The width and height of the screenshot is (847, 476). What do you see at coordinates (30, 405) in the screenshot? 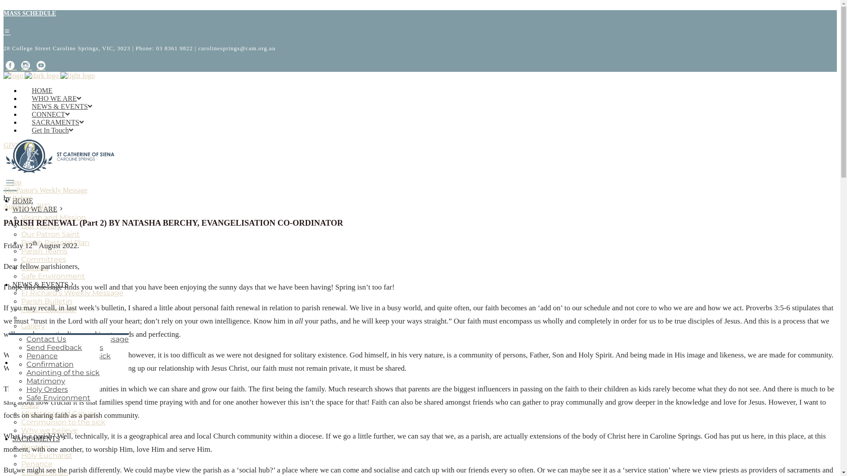
I see `'Mass'` at bounding box center [30, 405].